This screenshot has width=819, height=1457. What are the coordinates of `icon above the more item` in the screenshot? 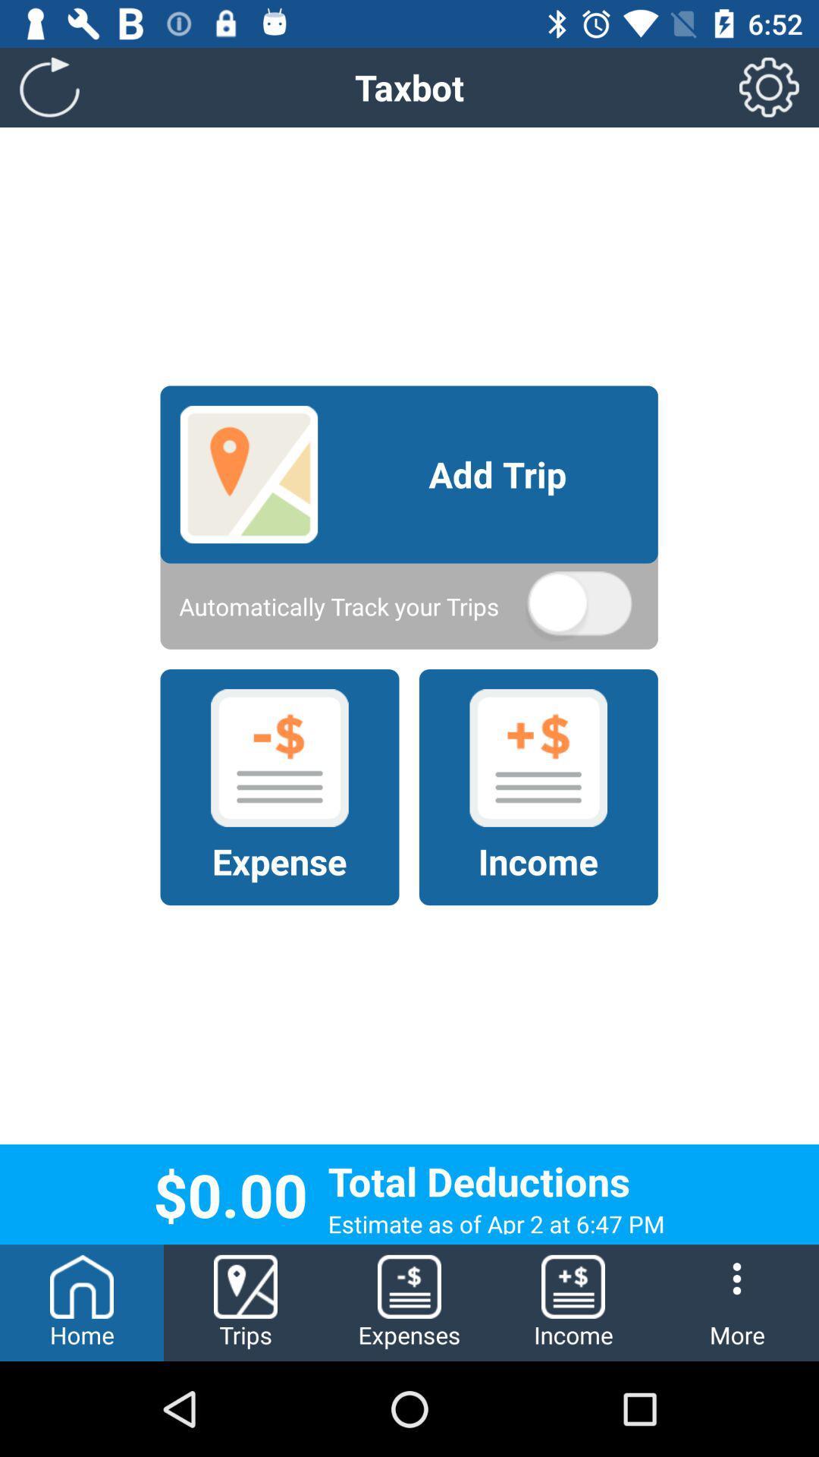 It's located at (769, 87).